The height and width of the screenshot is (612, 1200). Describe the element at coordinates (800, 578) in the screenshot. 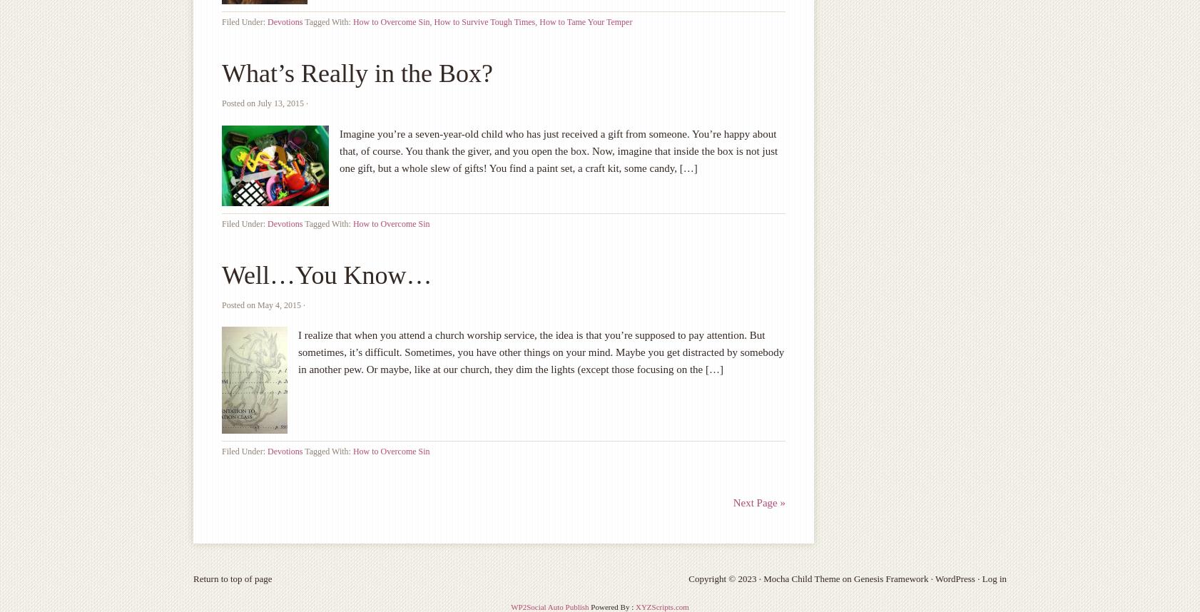

I see `'Mocha Child Theme'` at that location.